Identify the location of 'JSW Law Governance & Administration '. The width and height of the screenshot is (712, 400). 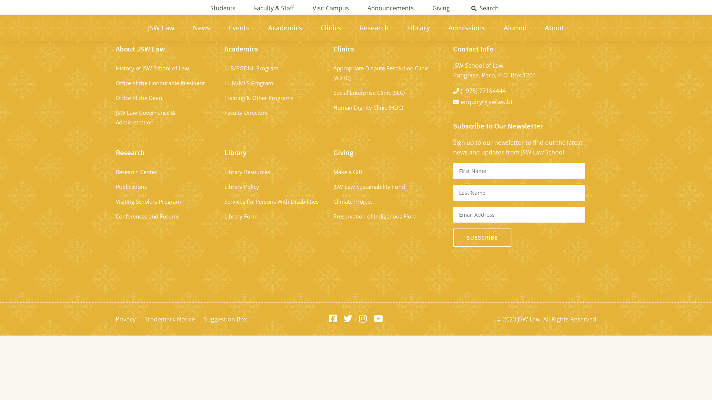
(145, 117).